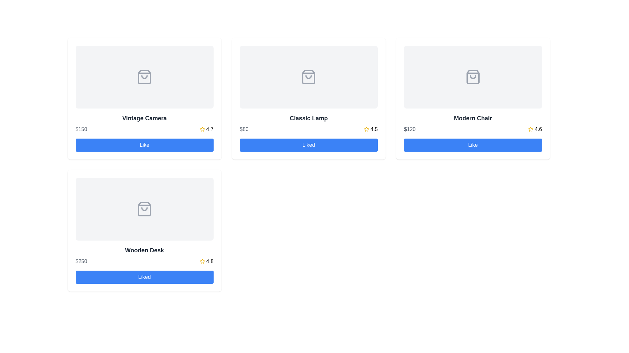 The height and width of the screenshot is (353, 629). I want to click on the decorative icon indicating the 'shopping' category on the 'Modern Chair' product card, located centrally within the gray rectangular image placeholder in the third card from the left in the top row, so click(473, 76).